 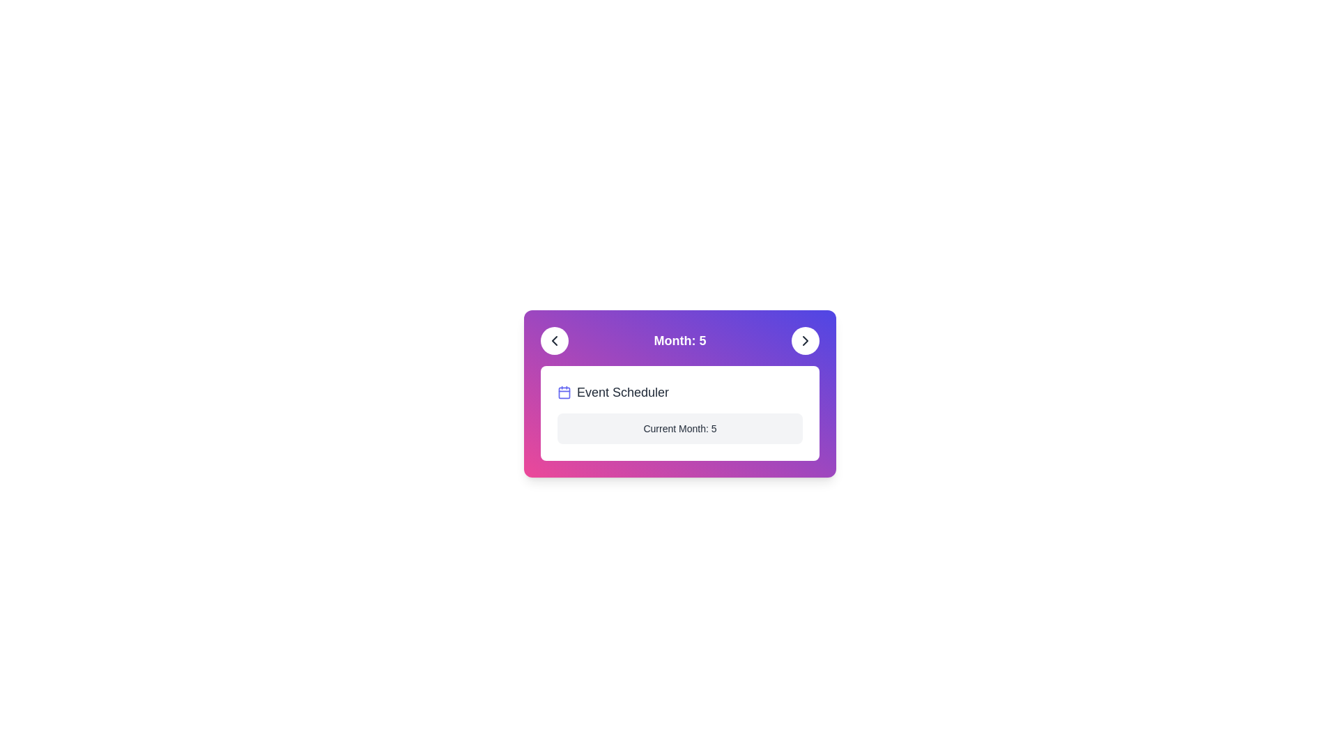 I want to click on text displayed in the Label that indicates the current month value, which shows 'Month: 5', so click(x=679, y=341).